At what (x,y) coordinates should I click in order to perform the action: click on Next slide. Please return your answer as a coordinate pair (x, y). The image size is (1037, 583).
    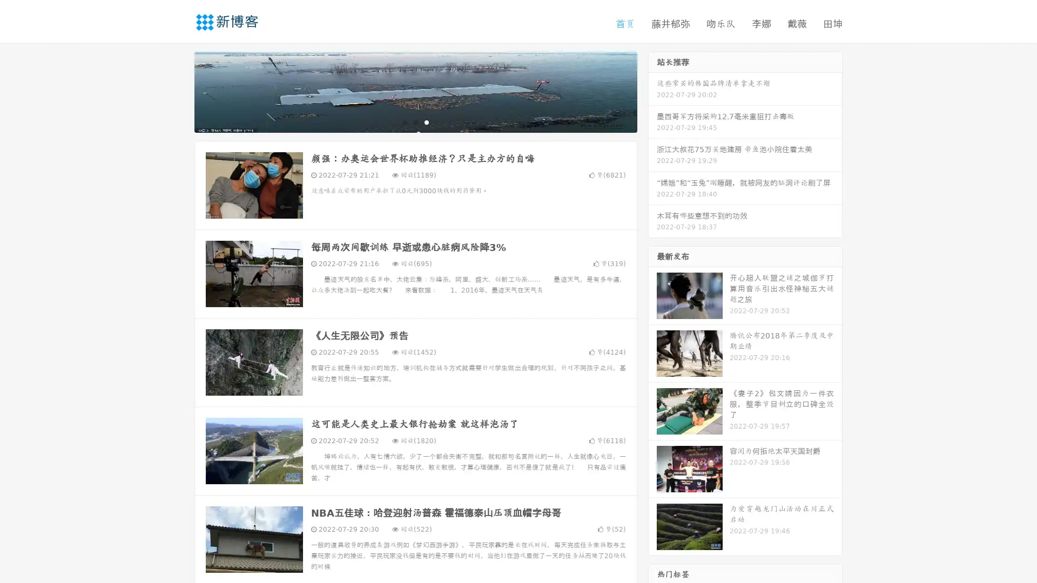
    Looking at the image, I should click on (652, 91).